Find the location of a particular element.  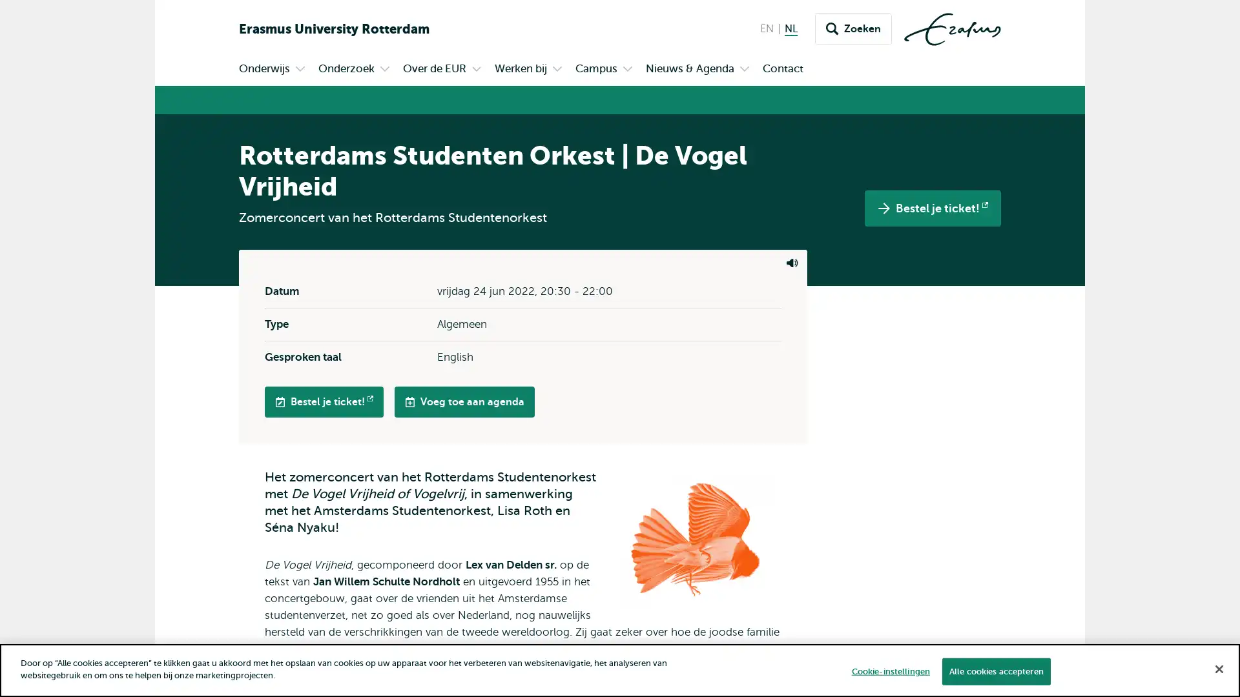

Cookie-instellingen is located at coordinates (889, 671).